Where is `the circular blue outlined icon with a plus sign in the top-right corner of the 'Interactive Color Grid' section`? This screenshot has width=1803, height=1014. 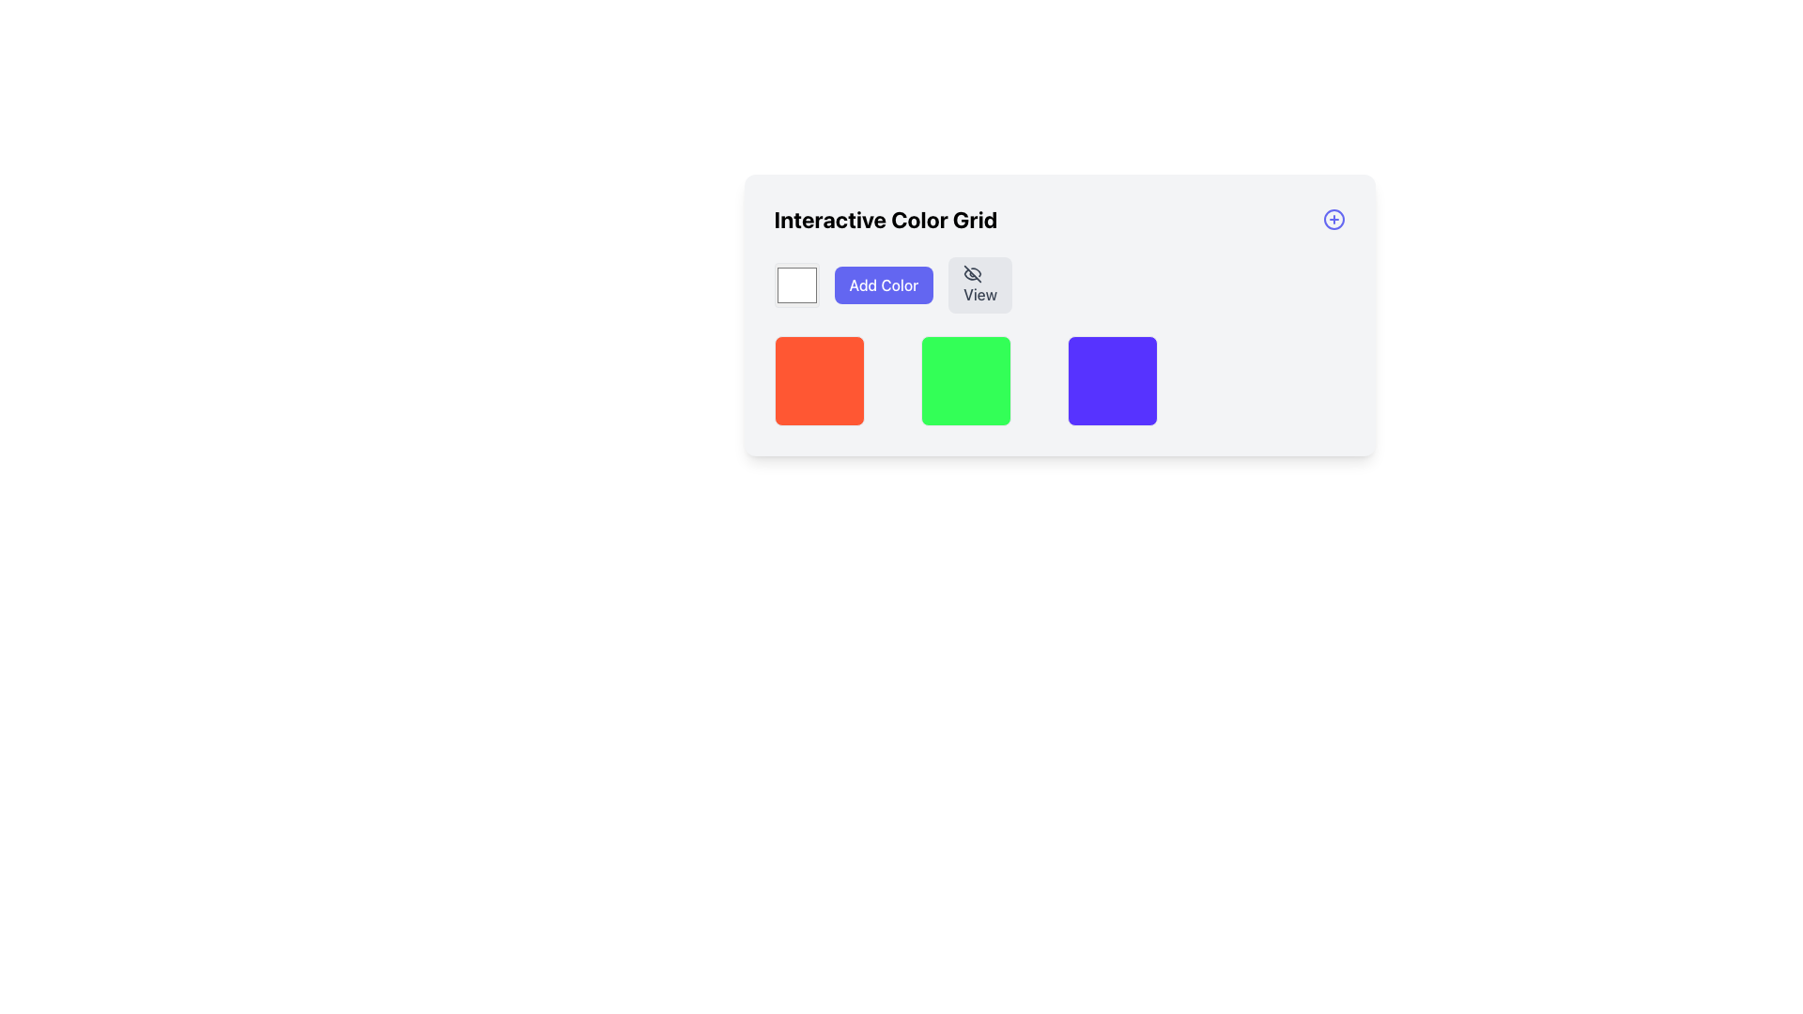 the circular blue outlined icon with a plus sign in the top-right corner of the 'Interactive Color Grid' section is located at coordinates (1333, 219).